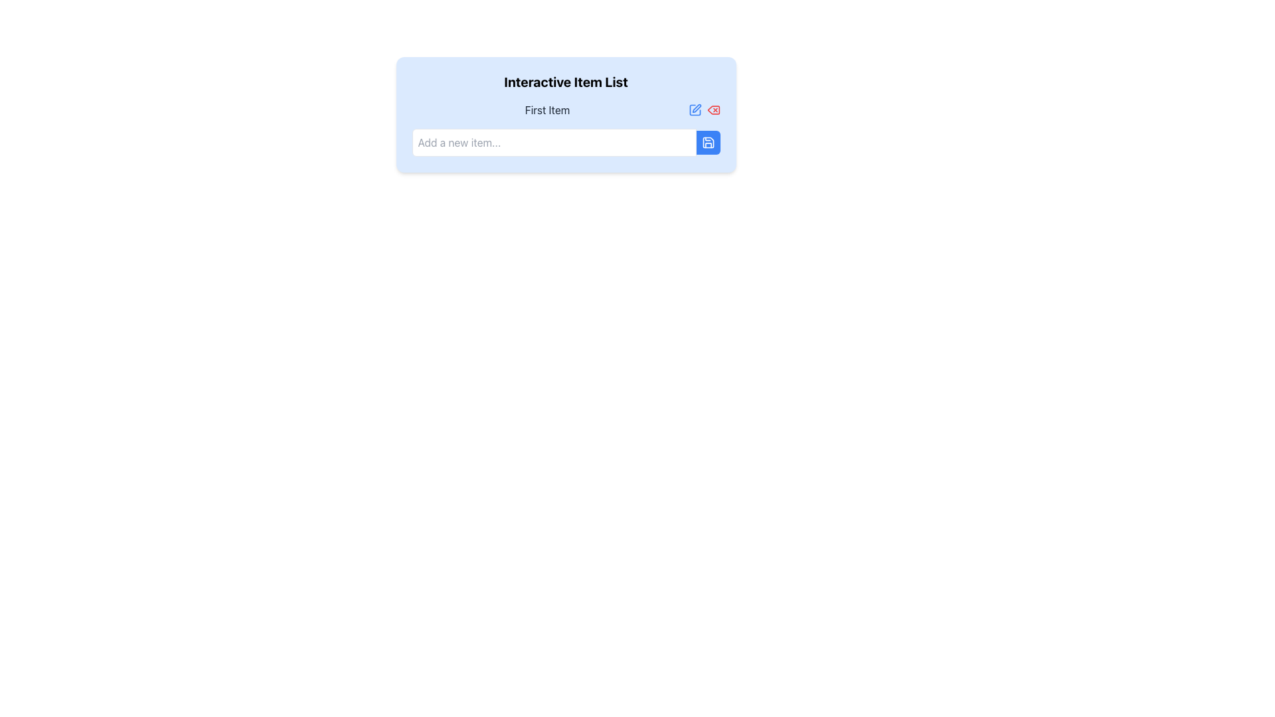 The height and width of the screenshot is (717, 1275). What do you see at coordinates (694, 109) in the screenshot?
I see `the blue edit icon resembling a pencil located to the right of the 'First Item' text to initiate editing` at bounding box center [694, 109].